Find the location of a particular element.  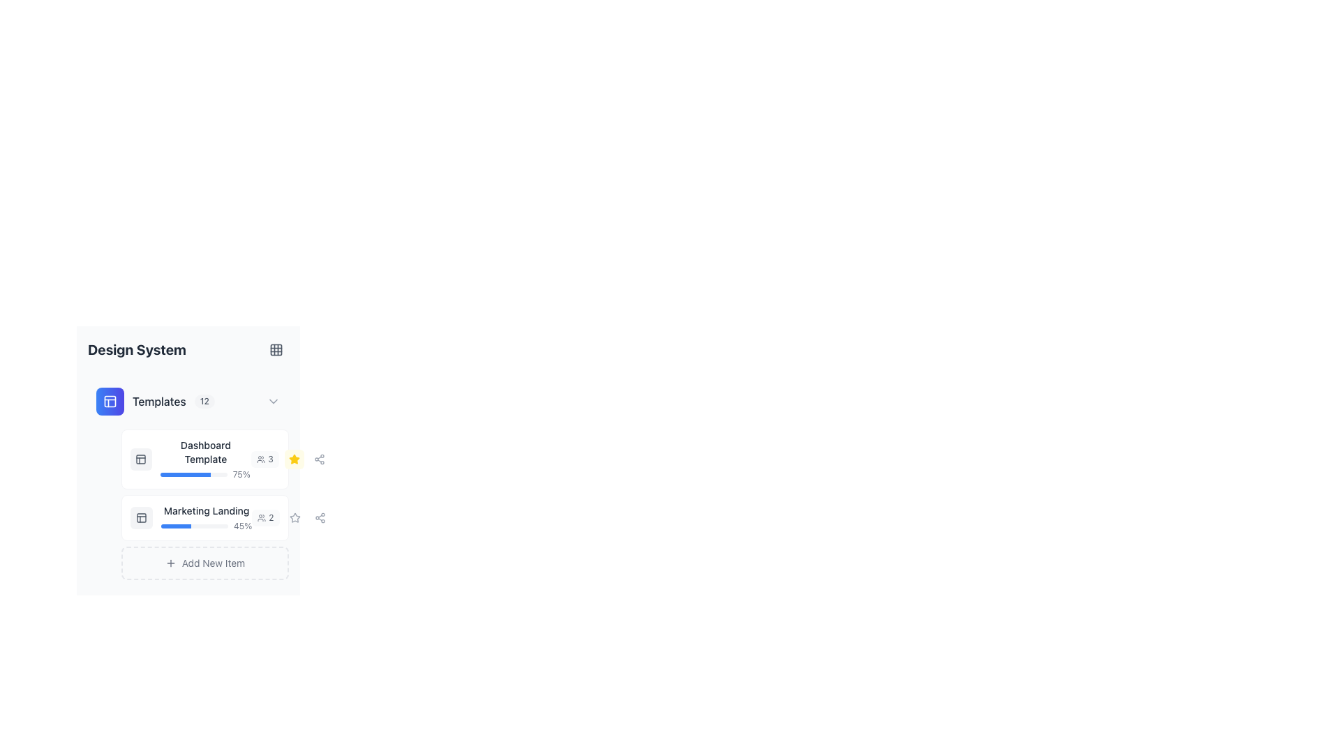

the star icon button with a golden fill, located to the right of the number '3' within a rounded rectangular badge, to mark it is located at coordinates (293, 459).